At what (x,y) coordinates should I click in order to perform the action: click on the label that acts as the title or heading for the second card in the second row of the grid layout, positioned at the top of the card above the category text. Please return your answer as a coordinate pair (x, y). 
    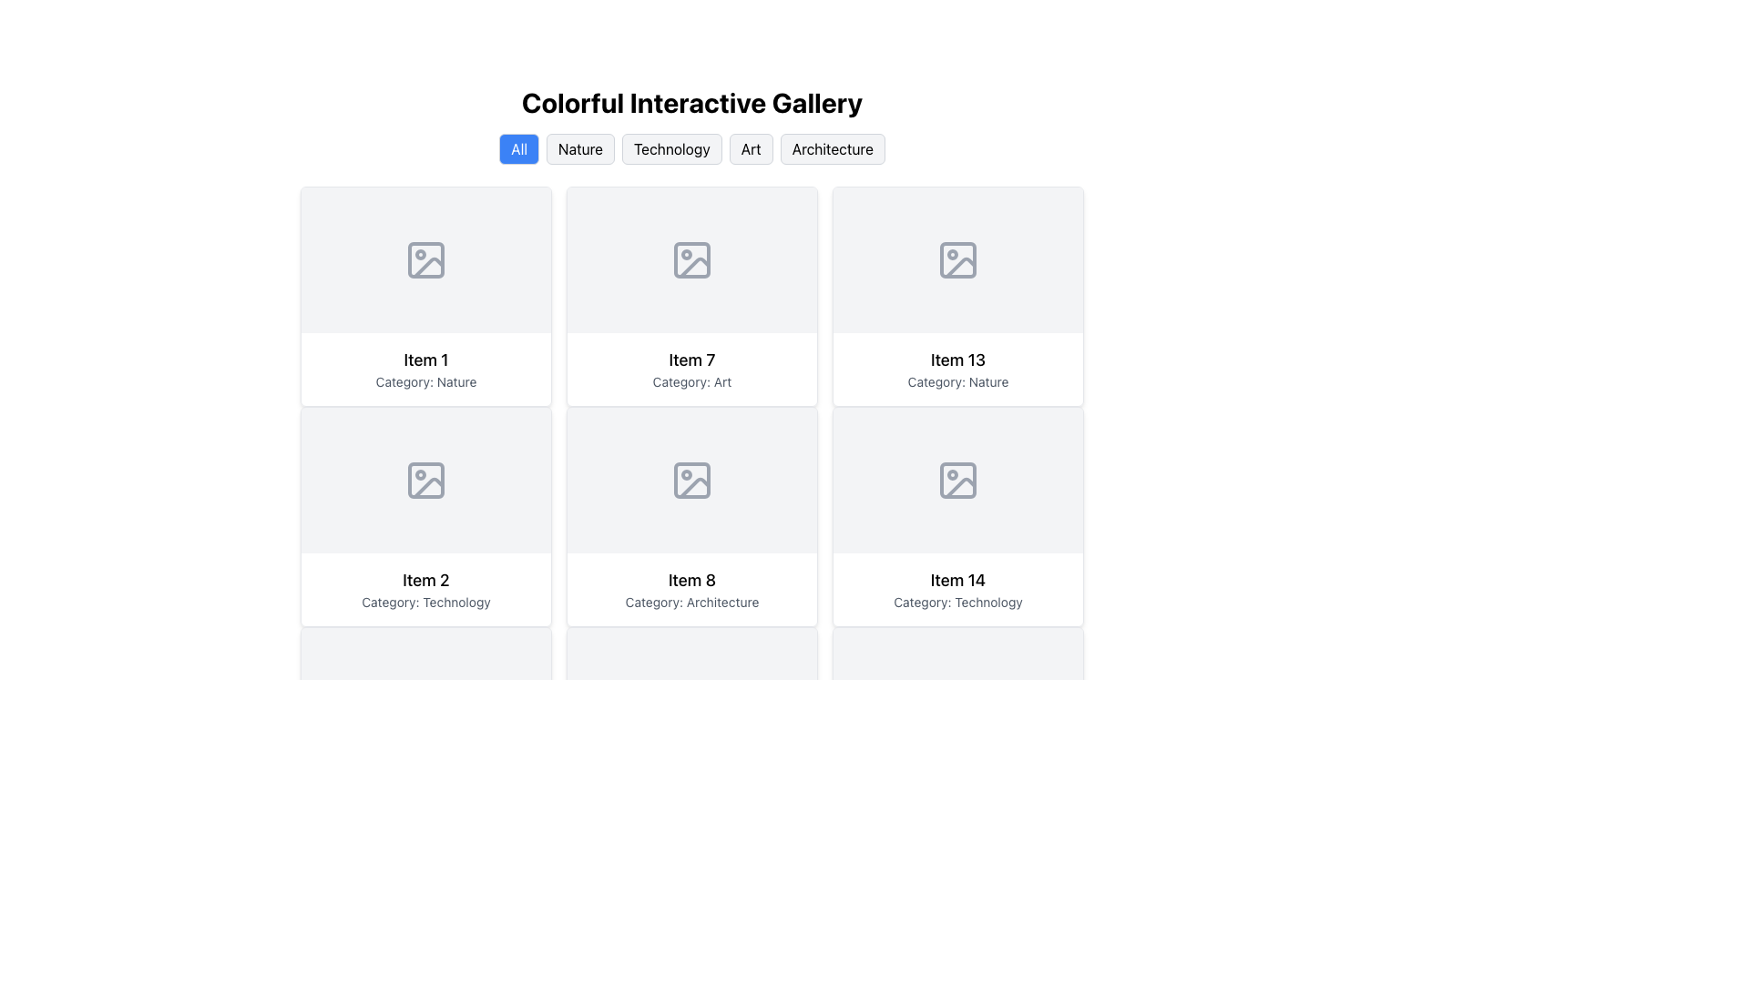
    Looking at the image, I should click on (690, 360).